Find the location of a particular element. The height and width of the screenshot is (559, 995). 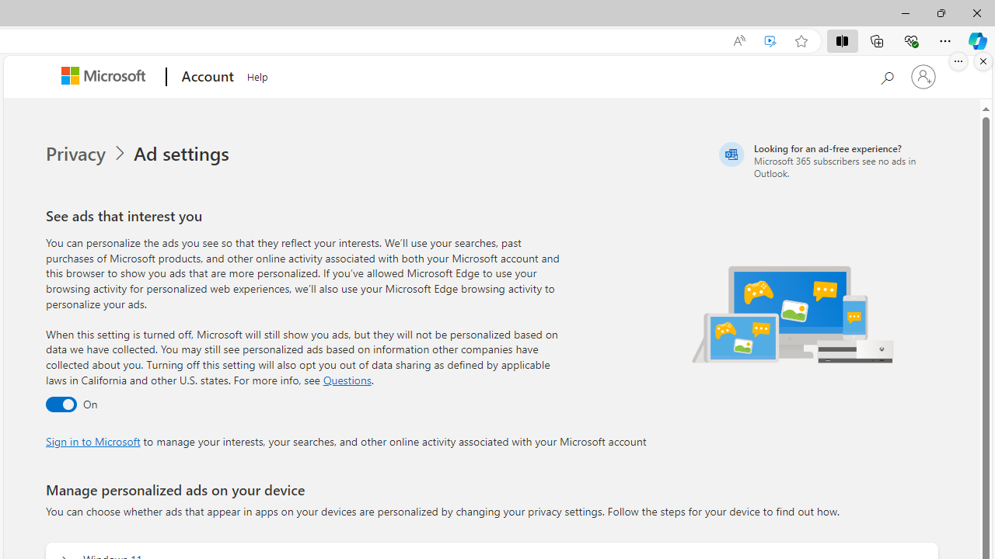

'Looking for an ad-free experience?' is located at coordinates (826, 160).